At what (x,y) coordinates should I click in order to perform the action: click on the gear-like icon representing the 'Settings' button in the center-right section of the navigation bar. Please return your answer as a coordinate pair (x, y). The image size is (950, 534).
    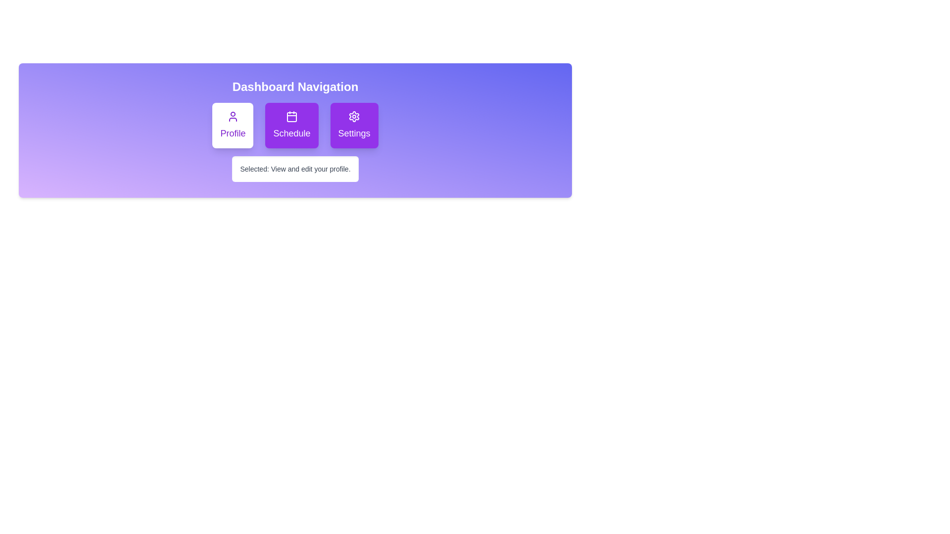
    Looking at the image, I should click on (354, 116).